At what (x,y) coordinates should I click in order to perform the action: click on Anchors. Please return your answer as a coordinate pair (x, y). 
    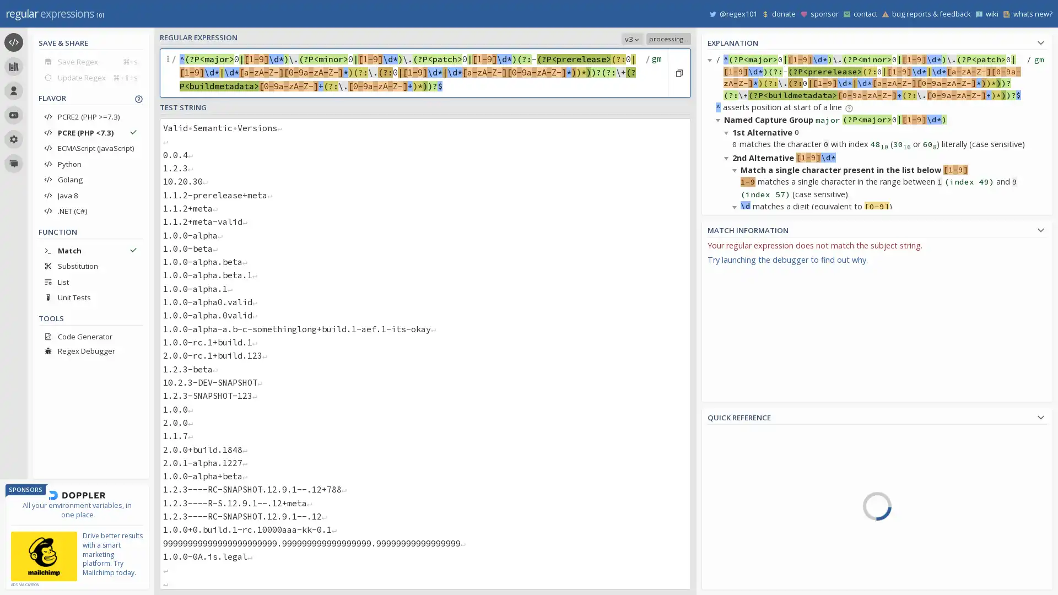
    Looking at the image, I should click on (759, 504).